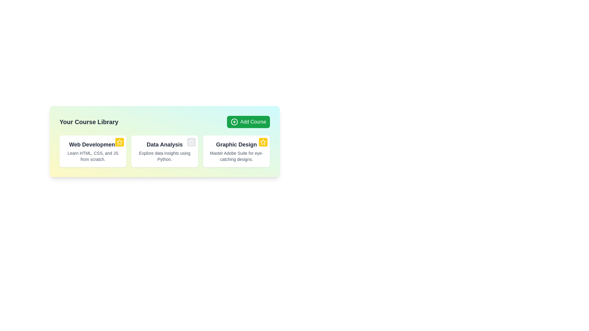 The height and width of the screenshot is (331, 589). I want to click on bold title text labeled 'Data Analysis' that is centrally positioned within the second card of a group of three cards, so click(165, 144).